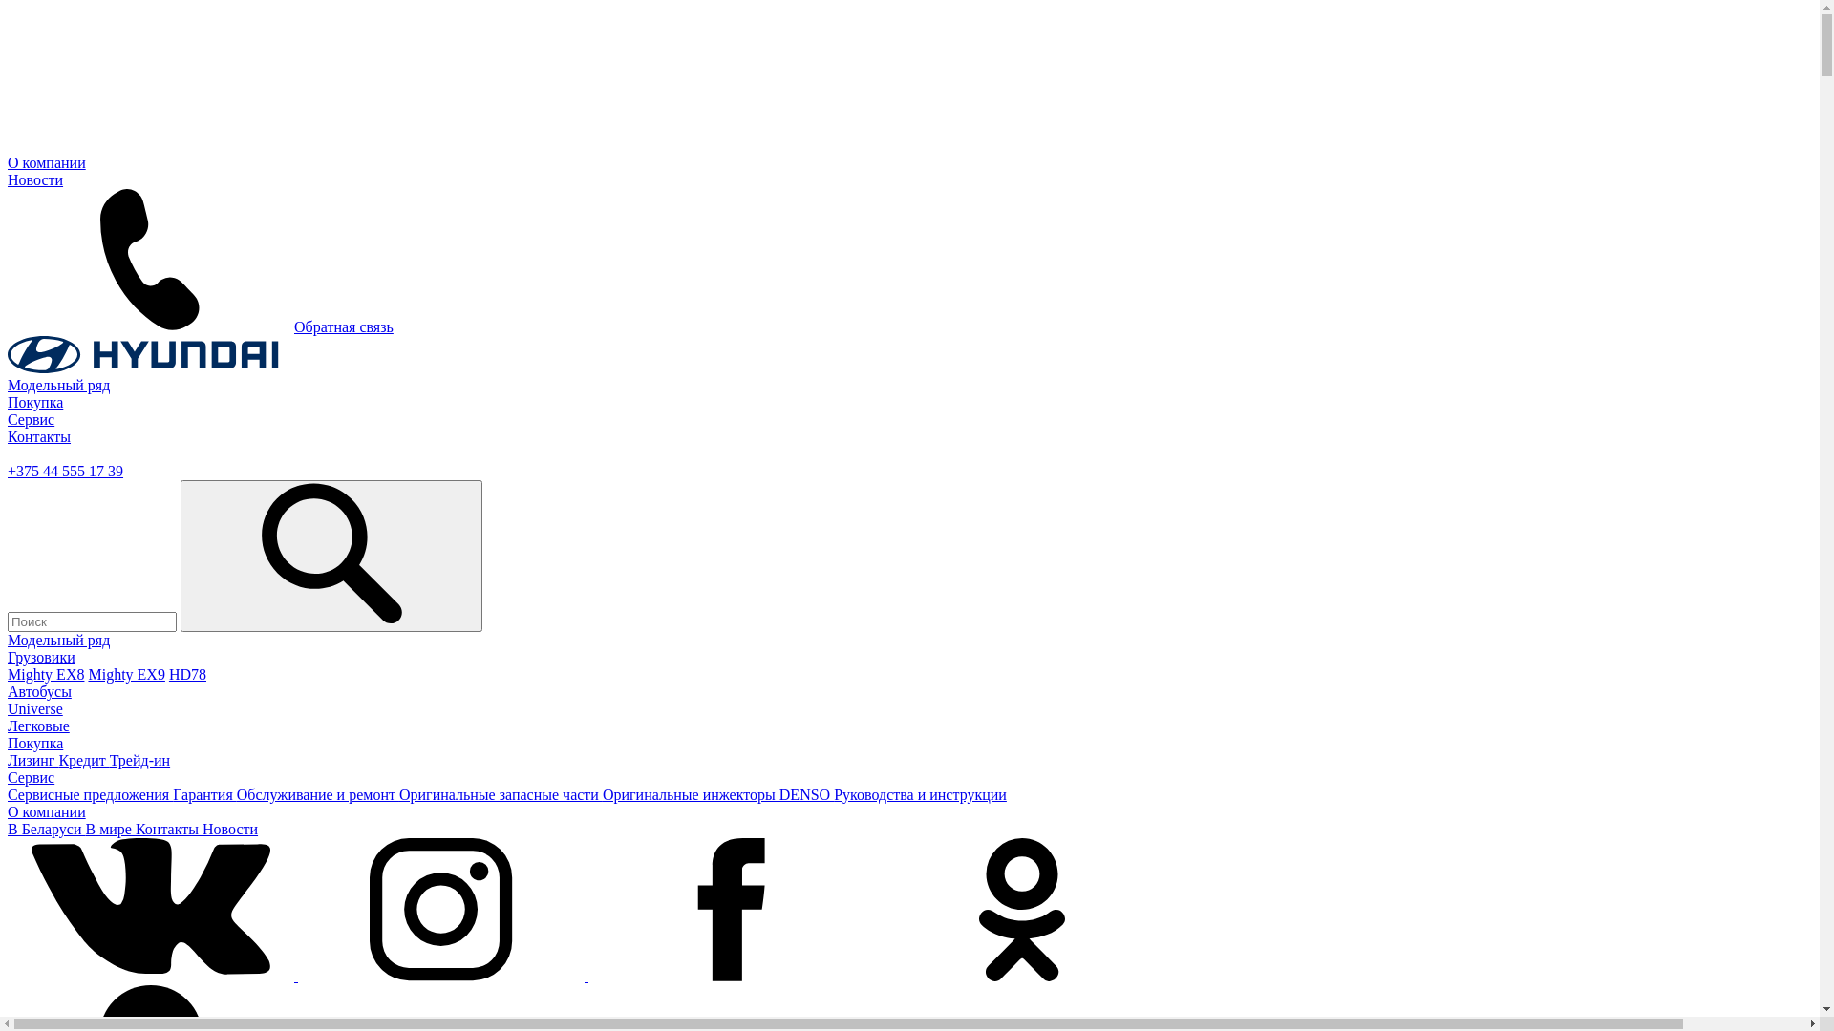  What do you see at coordinates (35, 708) in the screenshot?
I see `'Universe'` at bounding box center [35, 708].